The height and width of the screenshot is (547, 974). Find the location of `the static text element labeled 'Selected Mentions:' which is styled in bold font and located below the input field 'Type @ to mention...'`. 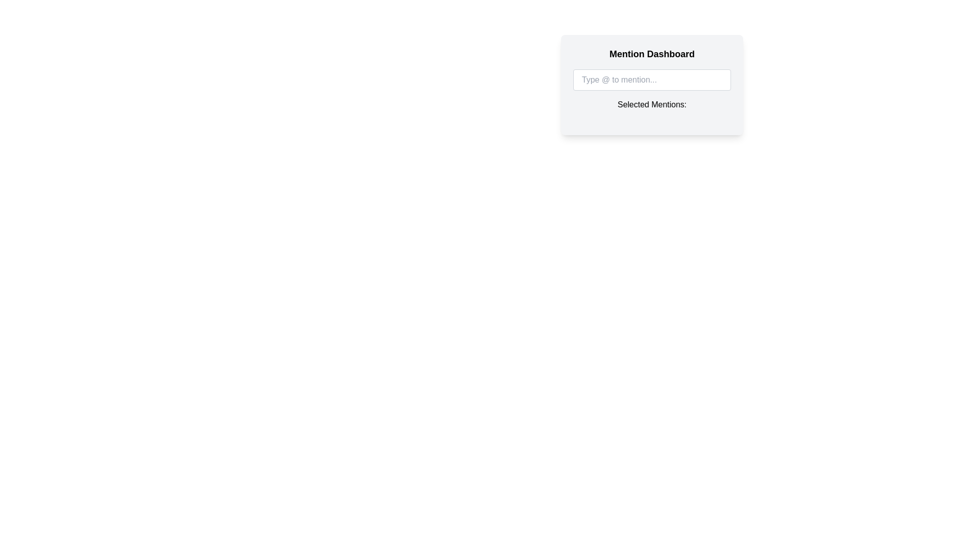

the static text element labeled 'Selected Mentions:' which is styled in bold font and located below the input field 'Type @ to mention...' is located at coordinates (652, 107).